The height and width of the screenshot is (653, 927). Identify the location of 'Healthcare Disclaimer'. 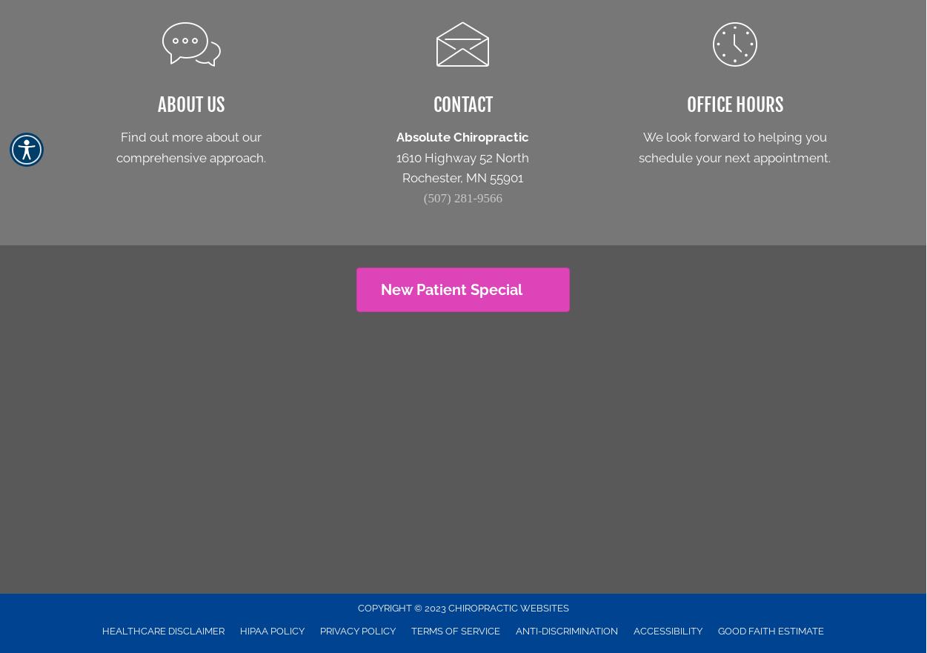
(162, 631).